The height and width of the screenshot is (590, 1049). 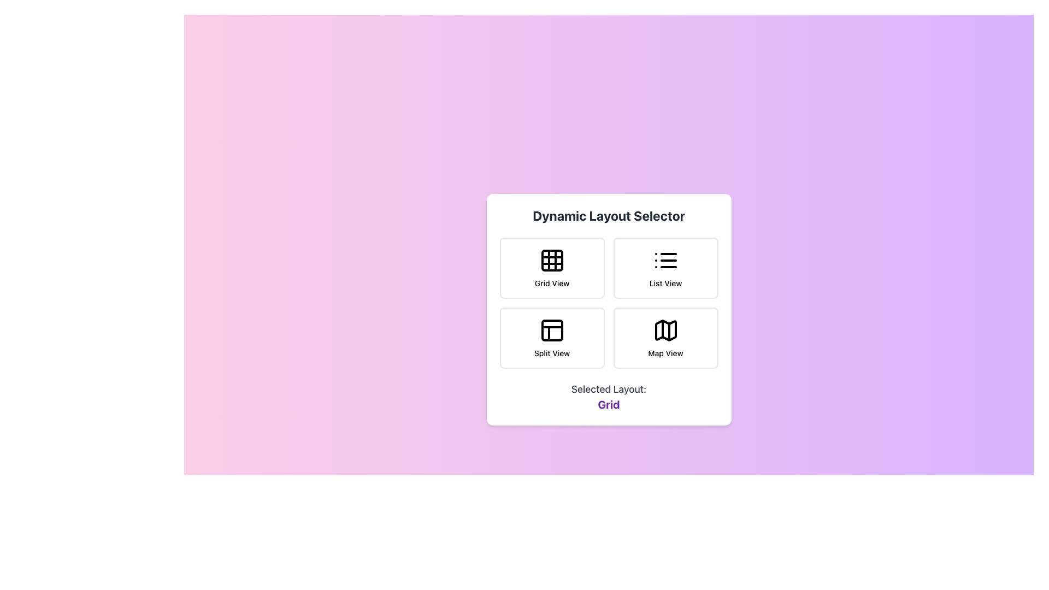 What do you see at coordinates (552, 261) in the screenshot?
I see `the 'Grid View' layout option icon located in the top-left section of the layout options panel` at bounding box center [552, 261].